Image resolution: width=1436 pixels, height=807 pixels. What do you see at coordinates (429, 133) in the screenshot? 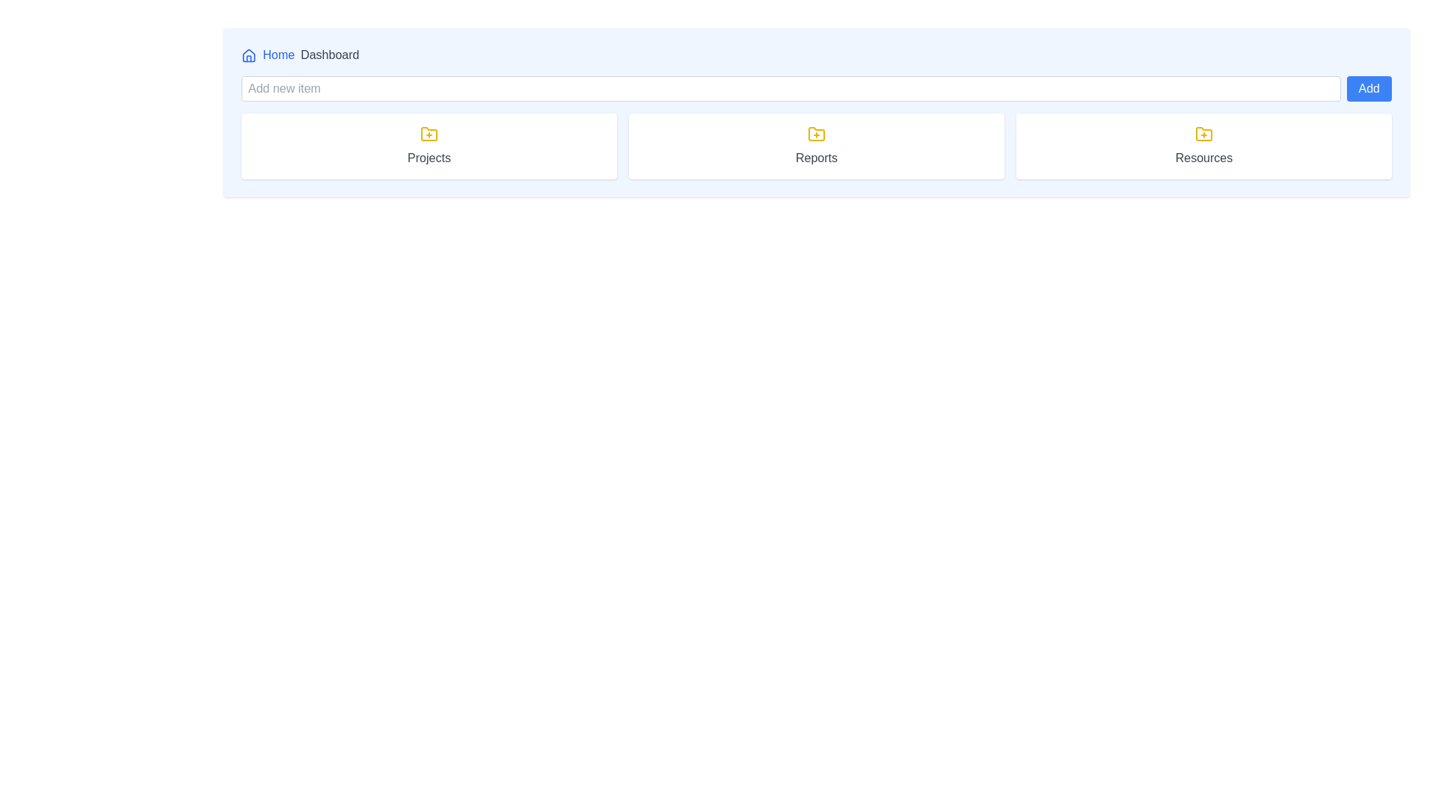
I see `the leftmost folder icon labeled 'Projects'` at bounding box center [429, 133].